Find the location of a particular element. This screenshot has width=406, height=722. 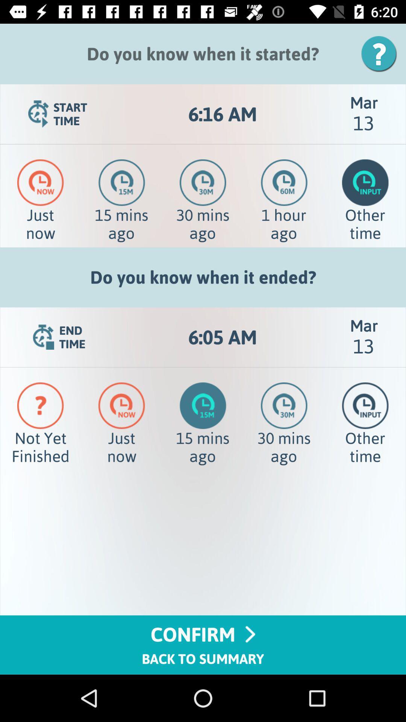

the time icon is located at coordinates (284, 182).